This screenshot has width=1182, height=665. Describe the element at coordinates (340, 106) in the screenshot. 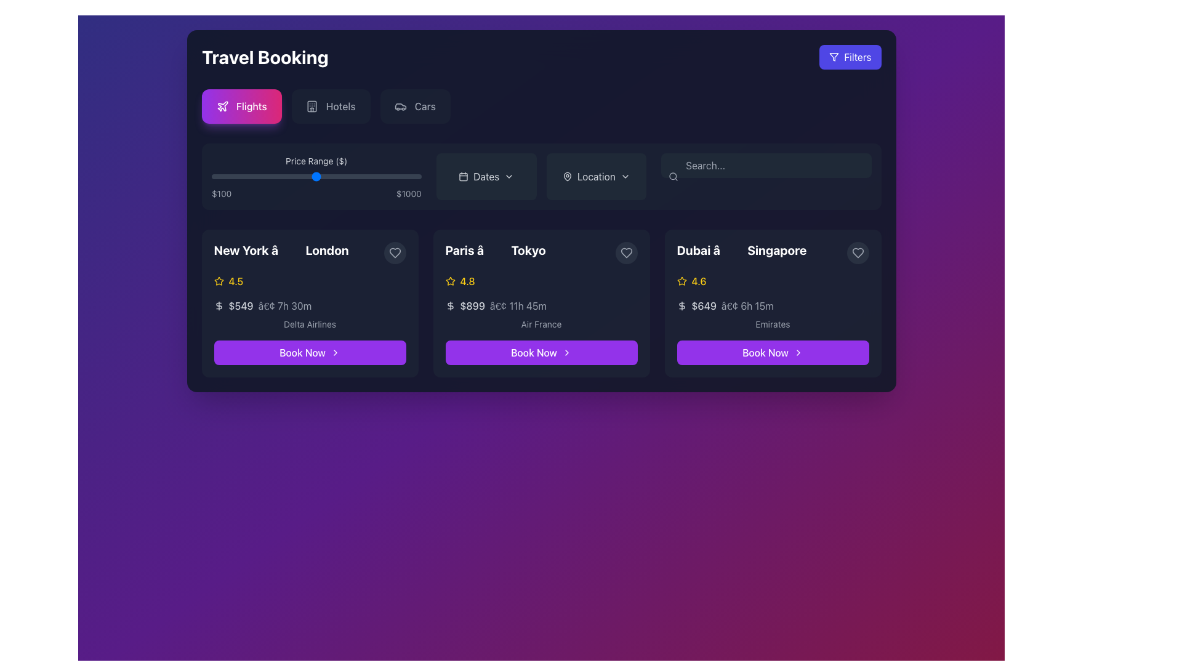

I see `the 'Hotels' text label within the clickable category button, which is styled with a medium-weight font and light gray color, located in the second navigation option of three` at that location.